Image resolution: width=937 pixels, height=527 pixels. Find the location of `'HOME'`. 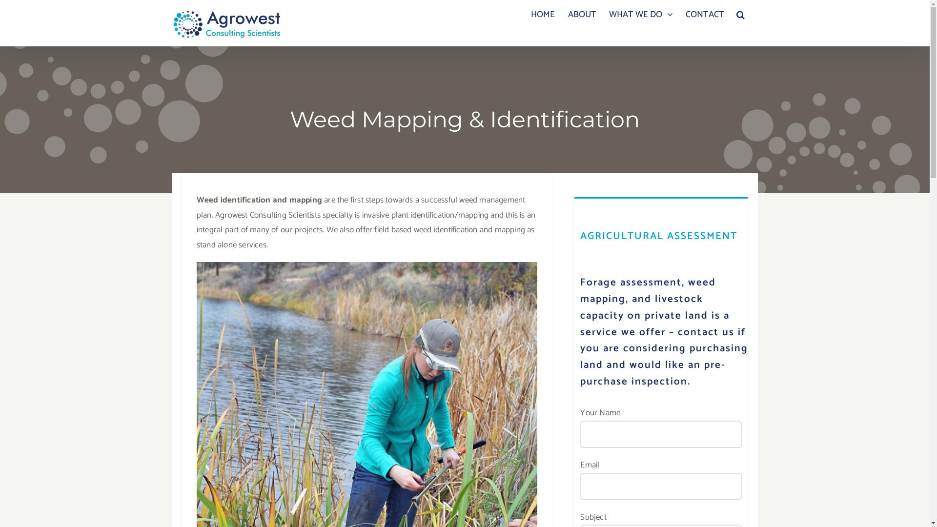

'HOME' is located at coordinates (543, 15).